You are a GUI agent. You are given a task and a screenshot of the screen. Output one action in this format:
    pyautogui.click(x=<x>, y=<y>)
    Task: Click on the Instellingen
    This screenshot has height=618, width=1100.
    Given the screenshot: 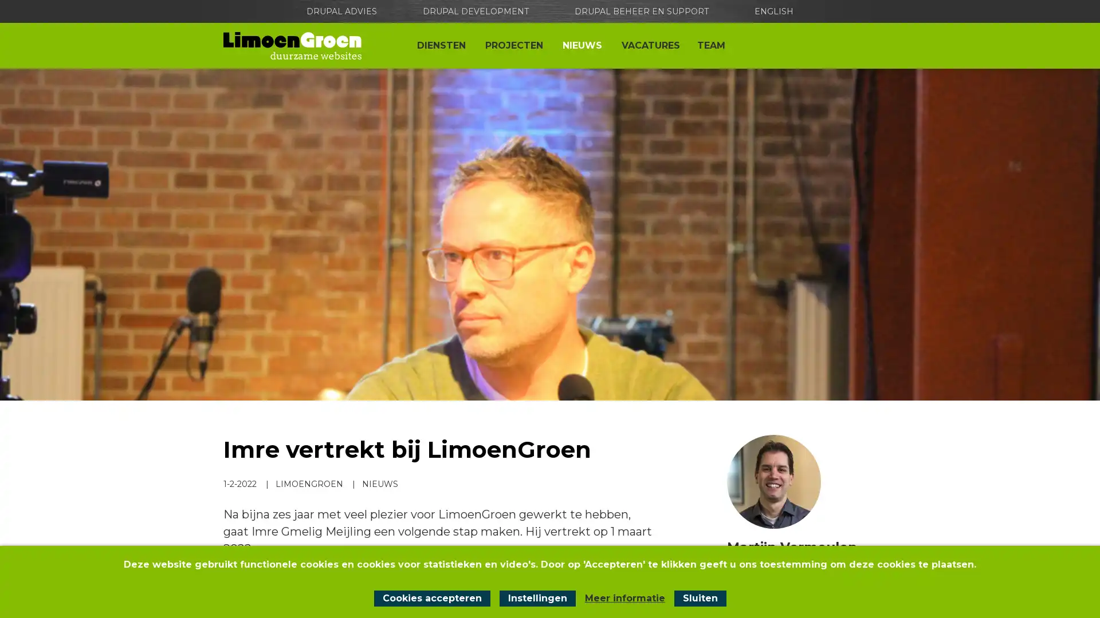 What is the action you would take?
    pyautogui.click(x=536, y=597)
    